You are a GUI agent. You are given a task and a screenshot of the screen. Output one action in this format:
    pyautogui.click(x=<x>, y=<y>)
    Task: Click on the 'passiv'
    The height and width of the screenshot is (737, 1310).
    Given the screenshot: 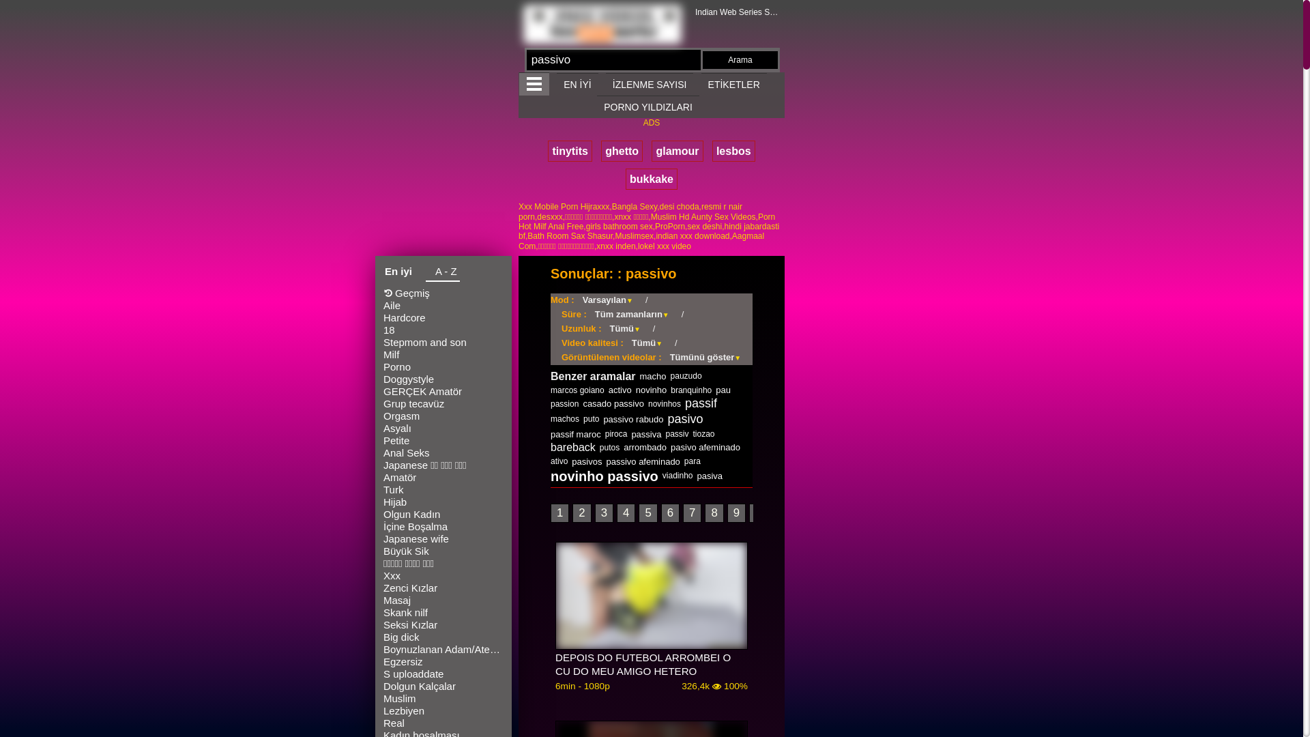 What is the action you would take?
    pyautogui.click(x=677, y=434)
    